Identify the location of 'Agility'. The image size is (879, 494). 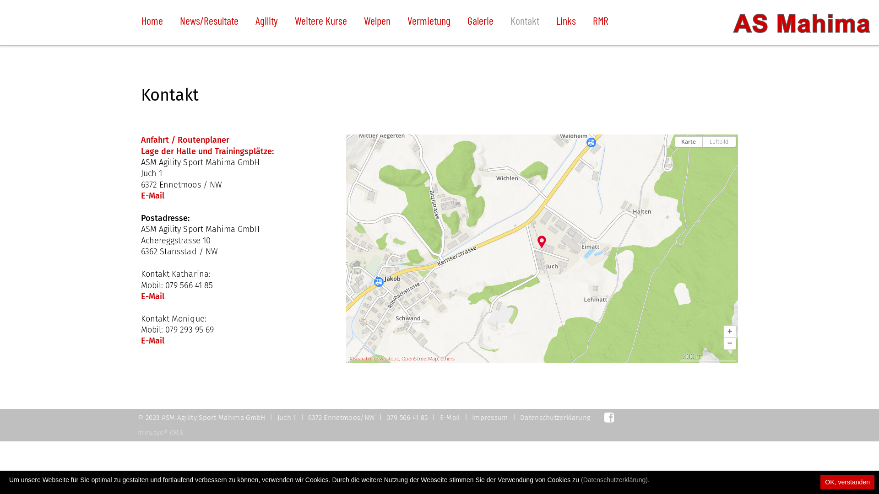
(266, 22).